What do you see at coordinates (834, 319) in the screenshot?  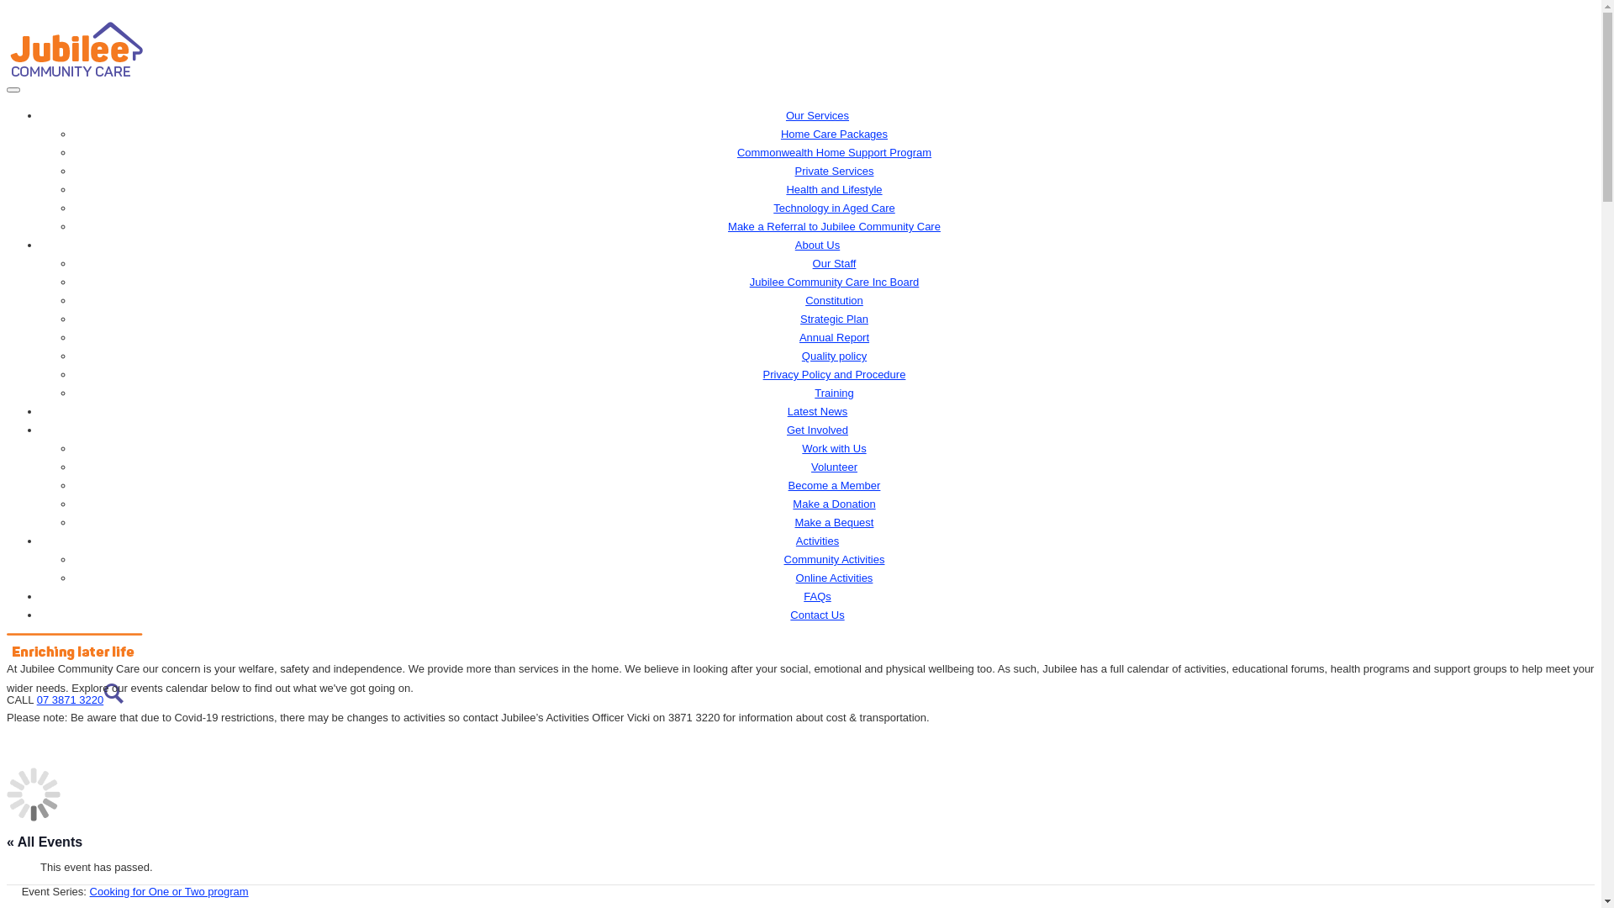 I see `'Strategic Plan'` at bounding box center [834, 319].